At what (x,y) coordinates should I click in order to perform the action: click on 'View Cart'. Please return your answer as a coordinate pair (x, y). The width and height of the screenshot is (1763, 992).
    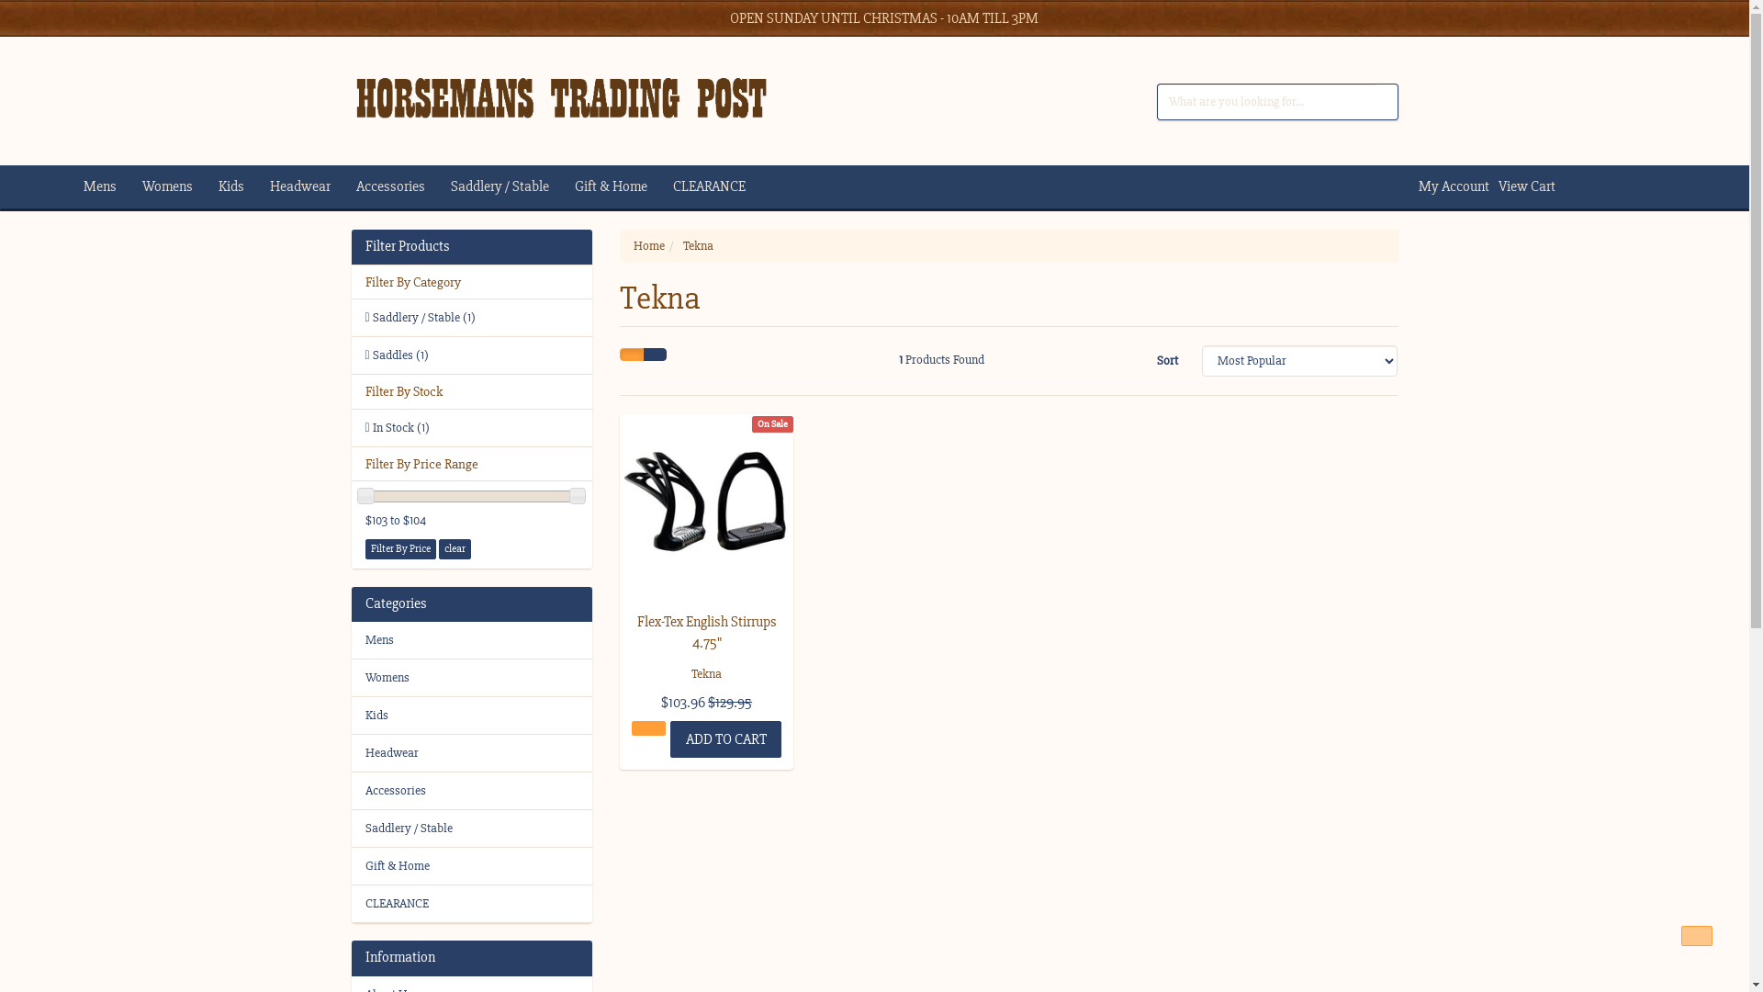
    Looking at the image, I should click on (1522, 186).